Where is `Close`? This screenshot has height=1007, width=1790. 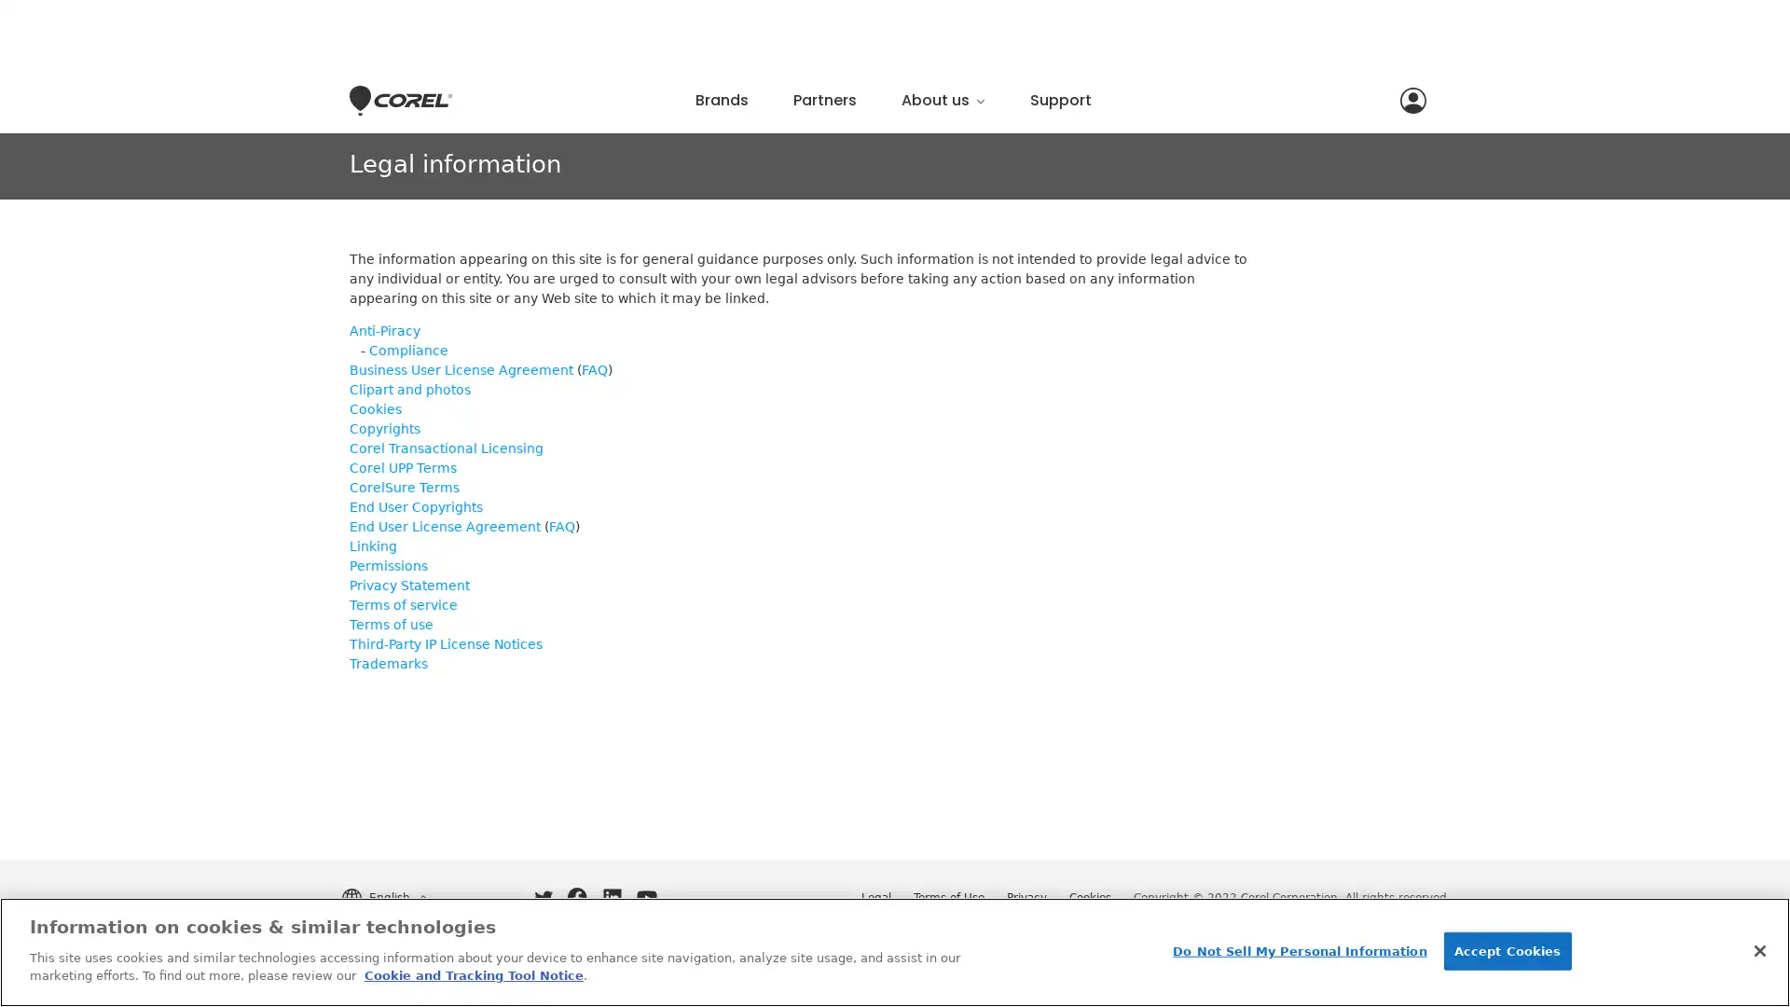
Close is located at coordinates (1128, 24).